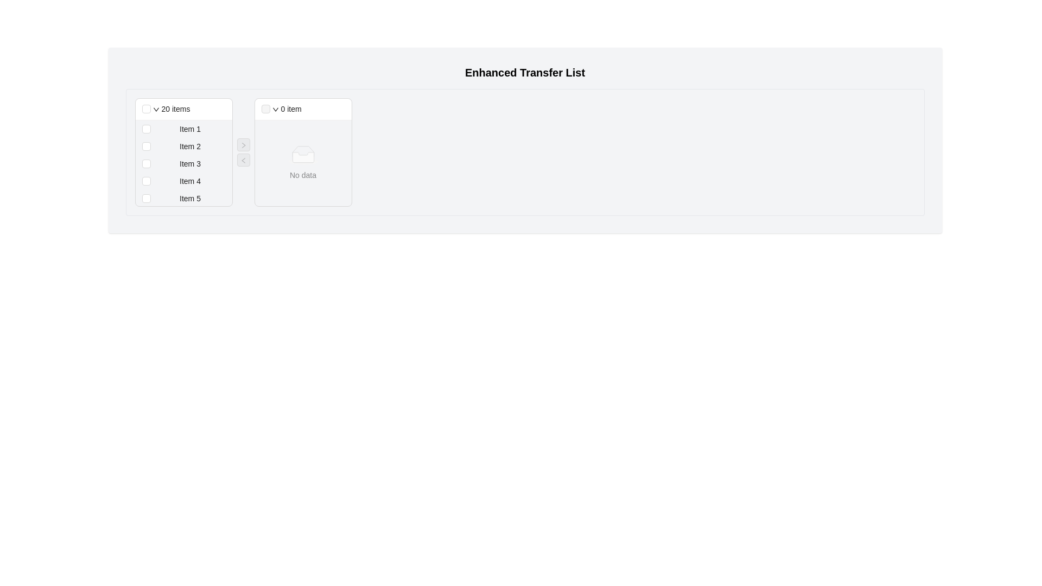 This screenshot has height=586, width=1042. What do you see at coordinates (190, 181) in the screenshot?
I see `the list item element displaying 'Item 4', which is the fourth item in a vertically aligned list located on the left side of the interface` at bounding box center [190, 181].